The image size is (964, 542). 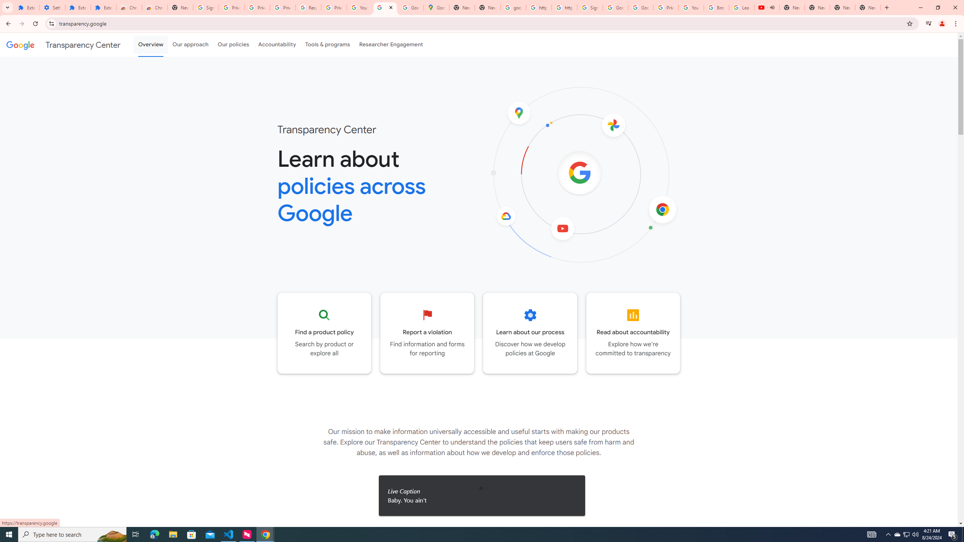 What do you see at coordinates (233, 44) in the screenshot?
I see `'Our policies'` at bounding box center [233, 44].